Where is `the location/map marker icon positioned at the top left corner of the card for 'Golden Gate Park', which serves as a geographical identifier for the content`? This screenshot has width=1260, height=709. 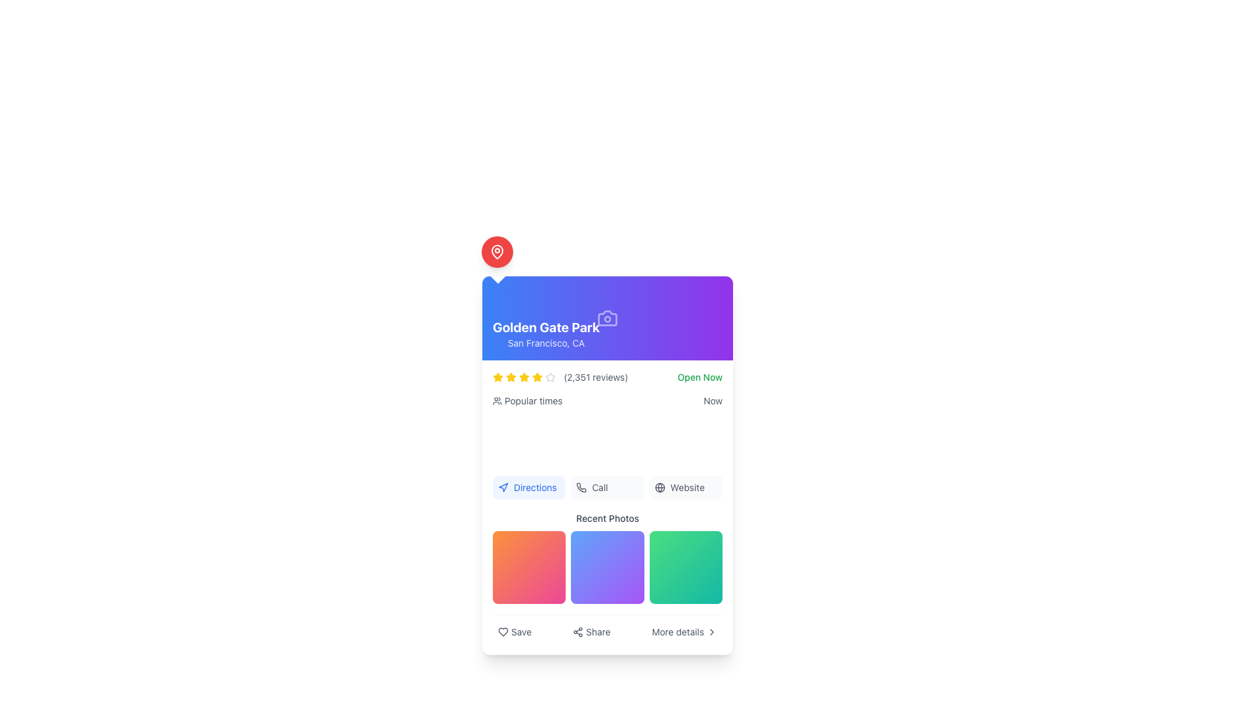
the location/map marker icon positioned at the top left corner of the card for 'Golden Gate Park', which serves as a geographical identifier for the content is located at coordinates (497, 252).